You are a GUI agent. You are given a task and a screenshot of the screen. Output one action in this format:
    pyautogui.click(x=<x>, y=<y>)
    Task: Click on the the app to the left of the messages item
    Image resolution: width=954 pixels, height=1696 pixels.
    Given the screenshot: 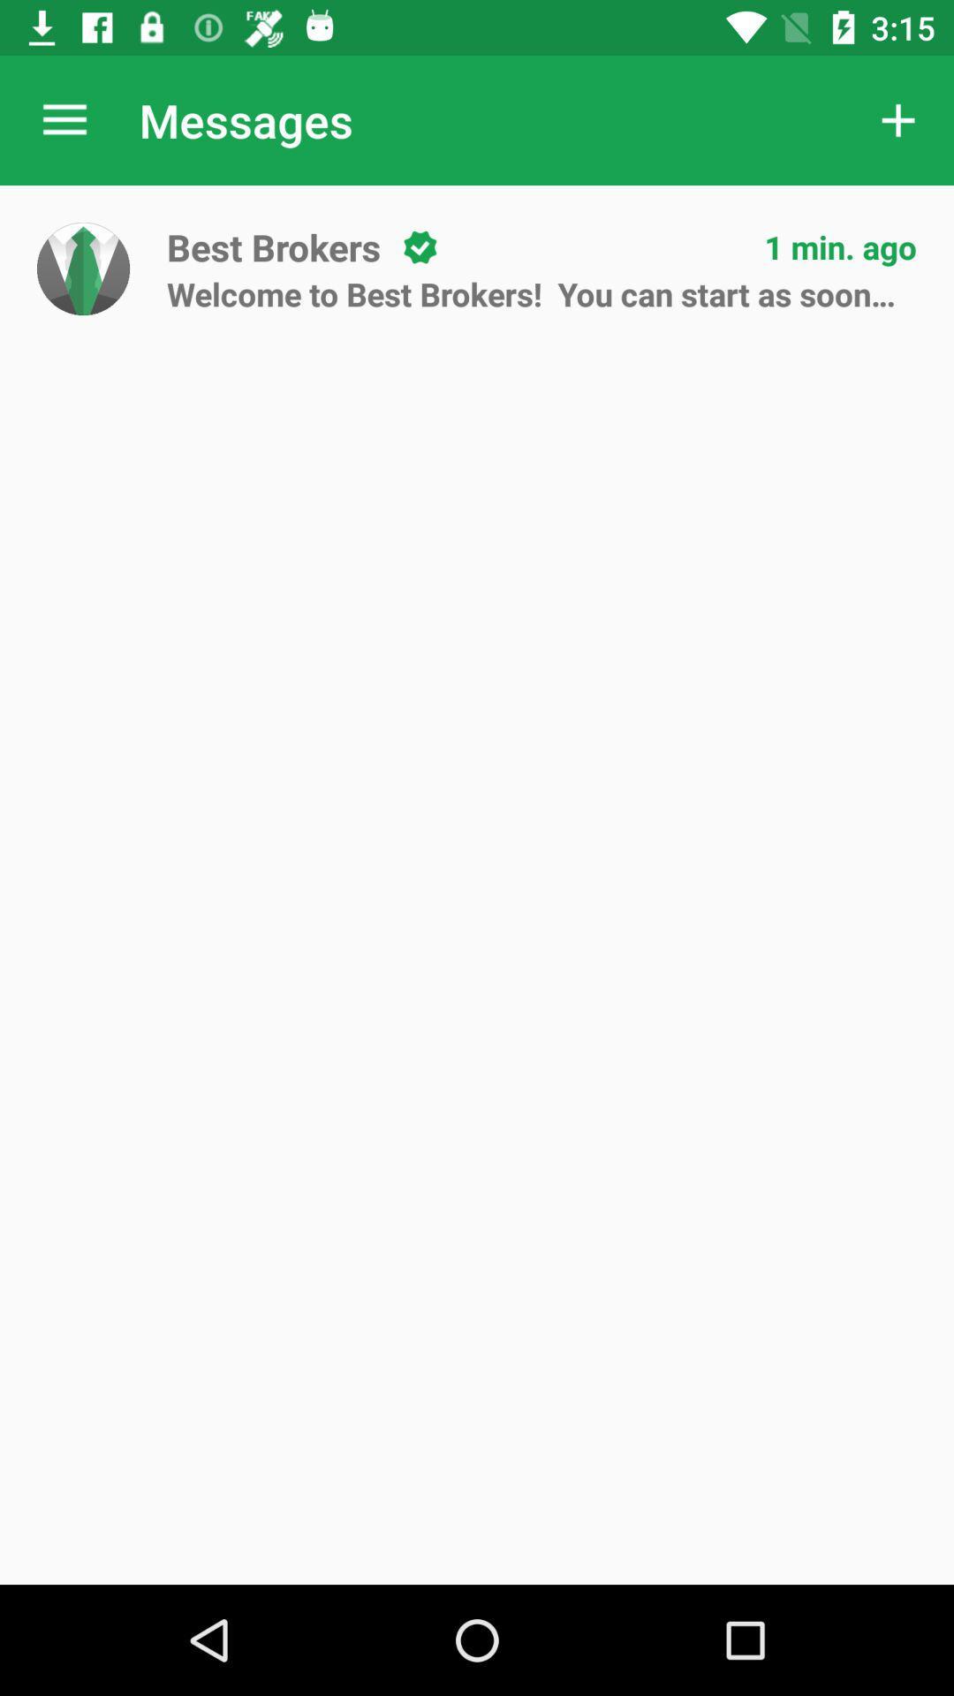 What is the action you would take?
    pyautogui.click(x=64, y=119)
    